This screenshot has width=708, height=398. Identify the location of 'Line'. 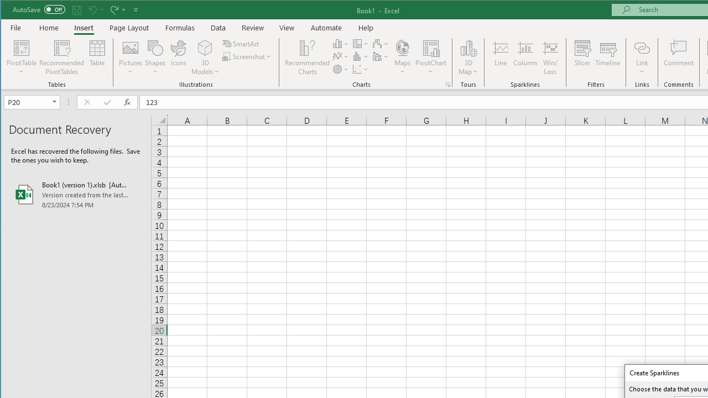
(499, 57).